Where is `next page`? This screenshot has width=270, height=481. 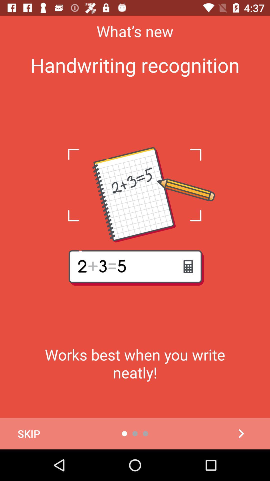
next page is located at coordinates (241, 433).